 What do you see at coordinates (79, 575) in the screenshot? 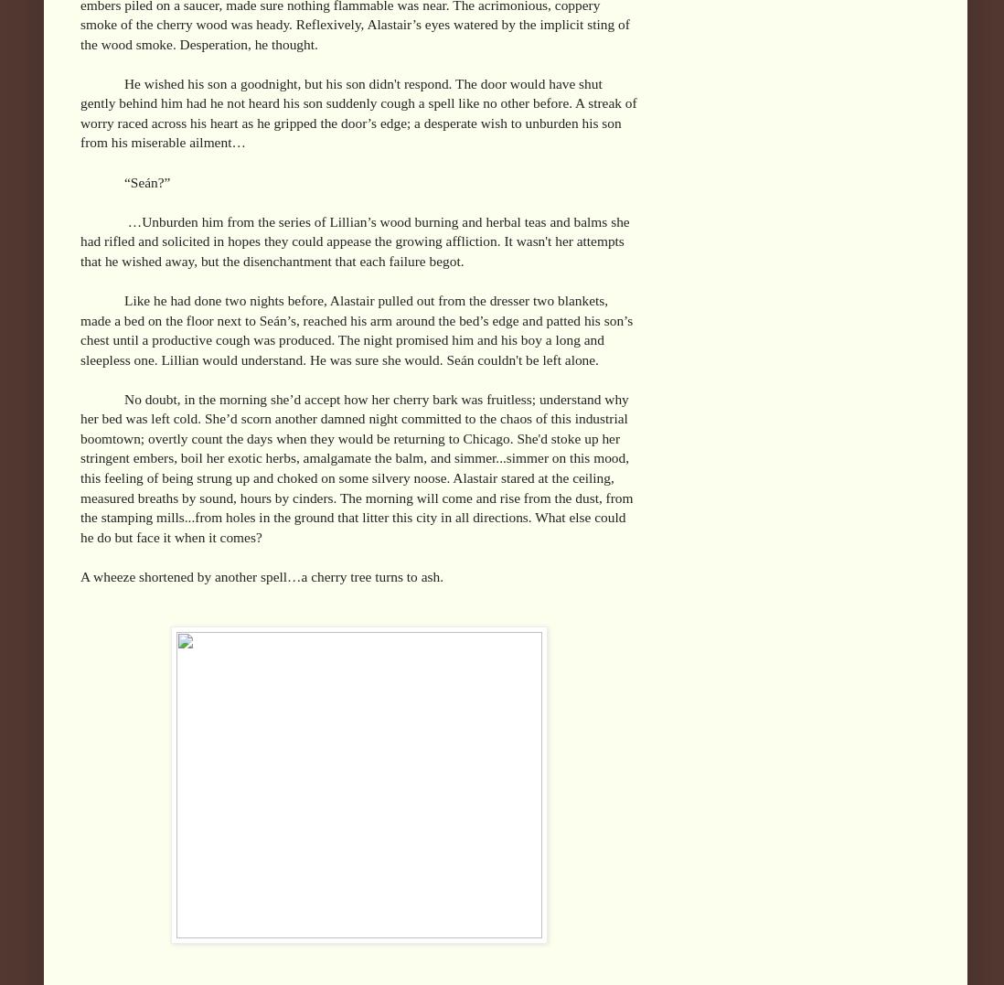
I see `'A wheeze shortened by another spell…a cherry tree turns to ash.'` at bounding box center [79, 575].